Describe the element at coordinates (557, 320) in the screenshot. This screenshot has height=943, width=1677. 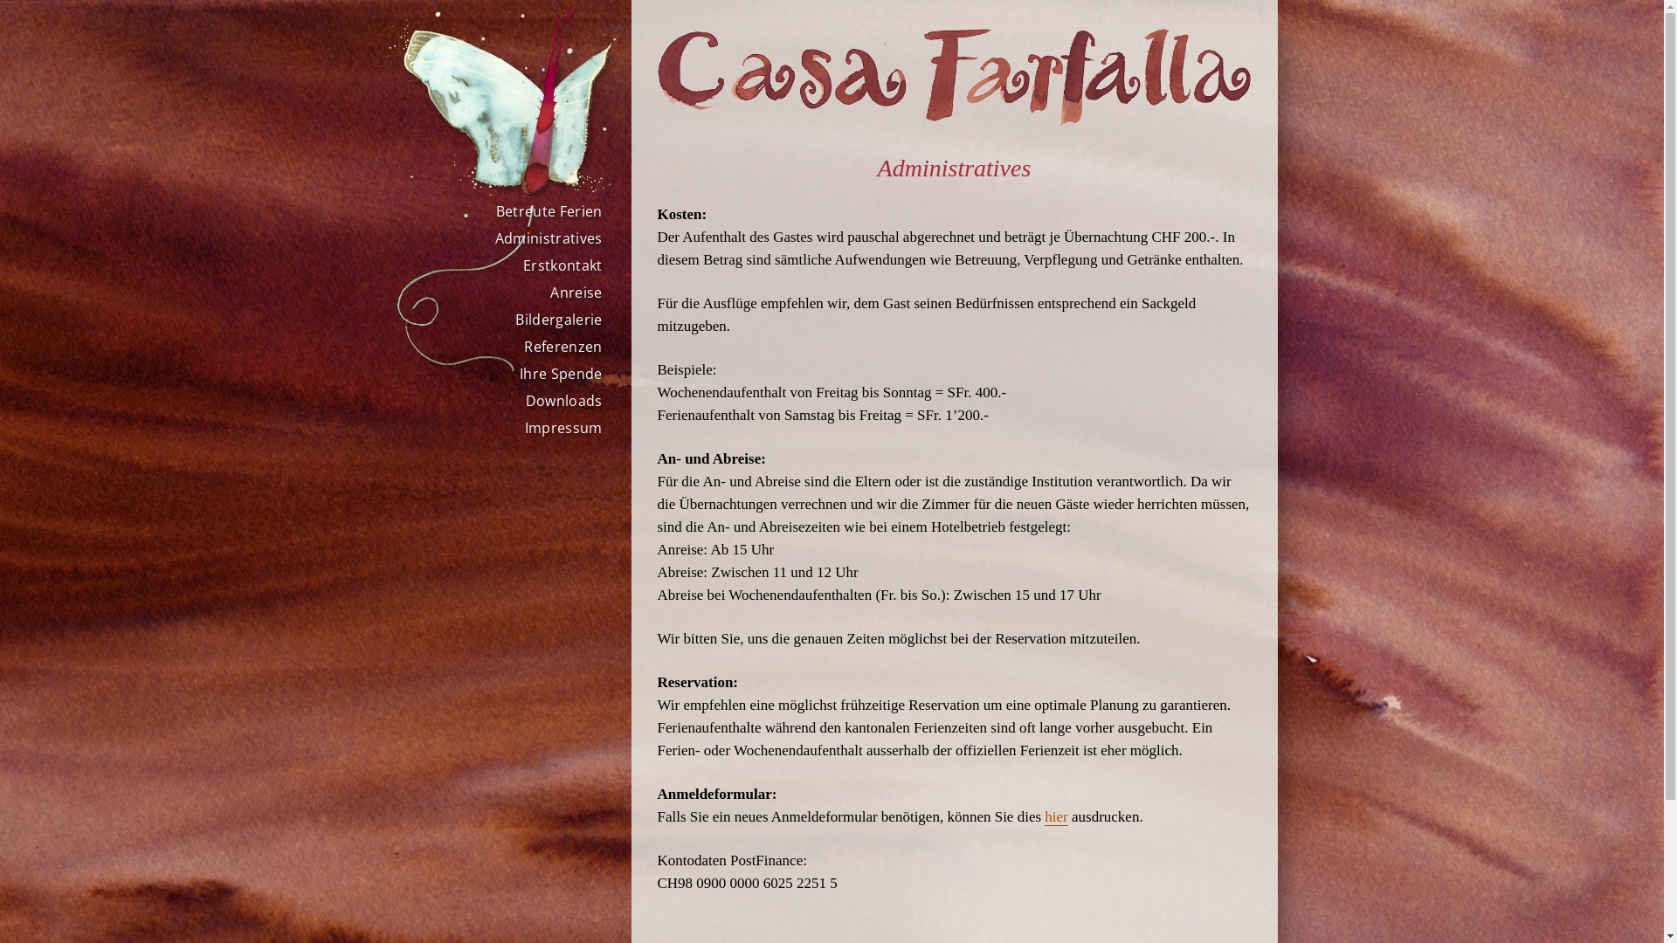
I see `'Bildergalerie'` at that location.